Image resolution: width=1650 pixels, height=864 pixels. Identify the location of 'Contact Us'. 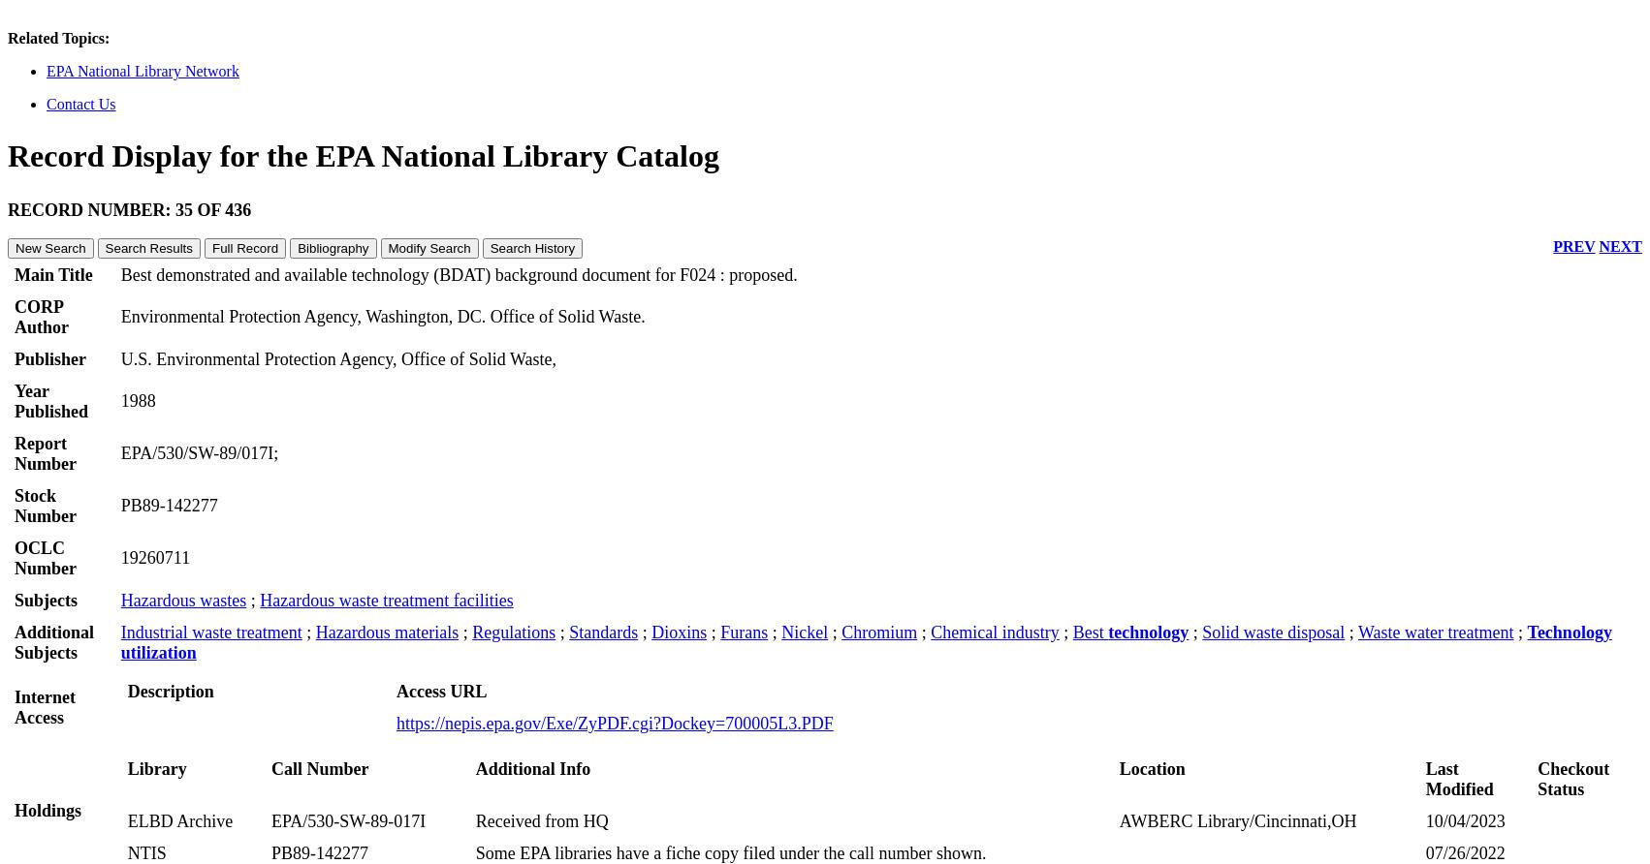
(80, 103).